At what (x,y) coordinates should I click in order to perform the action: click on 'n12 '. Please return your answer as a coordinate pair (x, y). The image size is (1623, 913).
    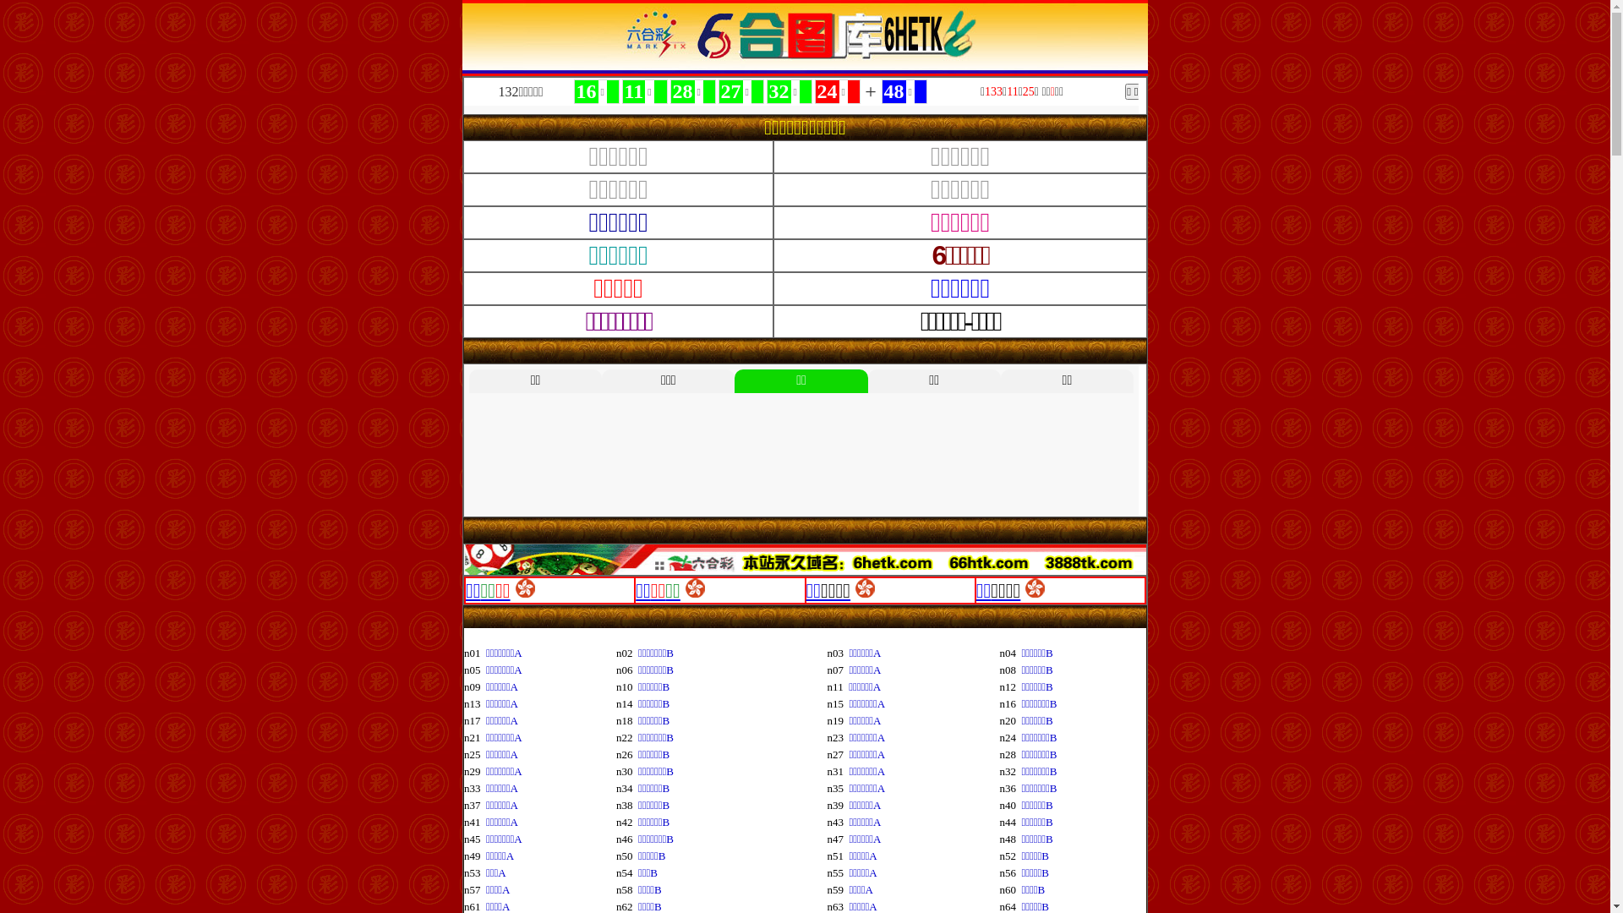
    Looking at the image, I should click on (1010, 686).